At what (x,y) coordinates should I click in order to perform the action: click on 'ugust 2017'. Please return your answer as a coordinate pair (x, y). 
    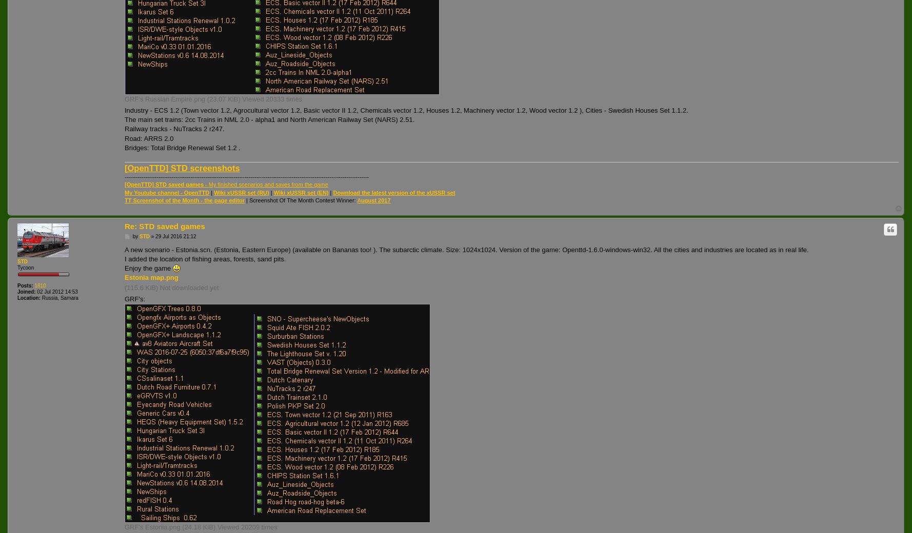
    Looking at the image, I should click on (375, 200).